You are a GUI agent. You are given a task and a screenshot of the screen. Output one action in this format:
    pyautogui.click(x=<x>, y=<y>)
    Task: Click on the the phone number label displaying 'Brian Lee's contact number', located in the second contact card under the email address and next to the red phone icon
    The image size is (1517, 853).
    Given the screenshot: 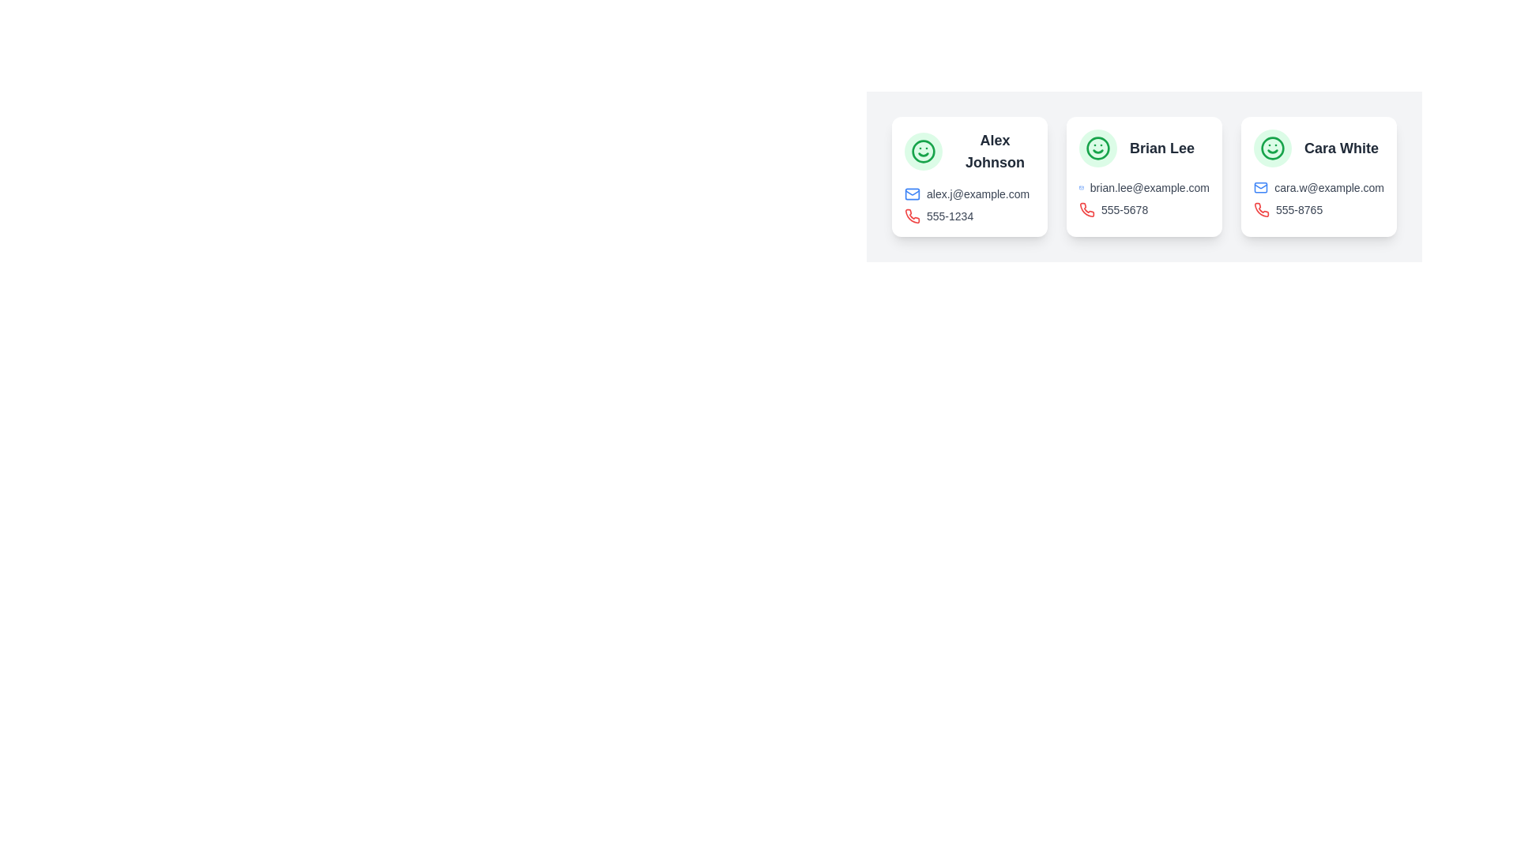 What is the action you would take?
    pyautogui.click(x=1124, y=209)
    